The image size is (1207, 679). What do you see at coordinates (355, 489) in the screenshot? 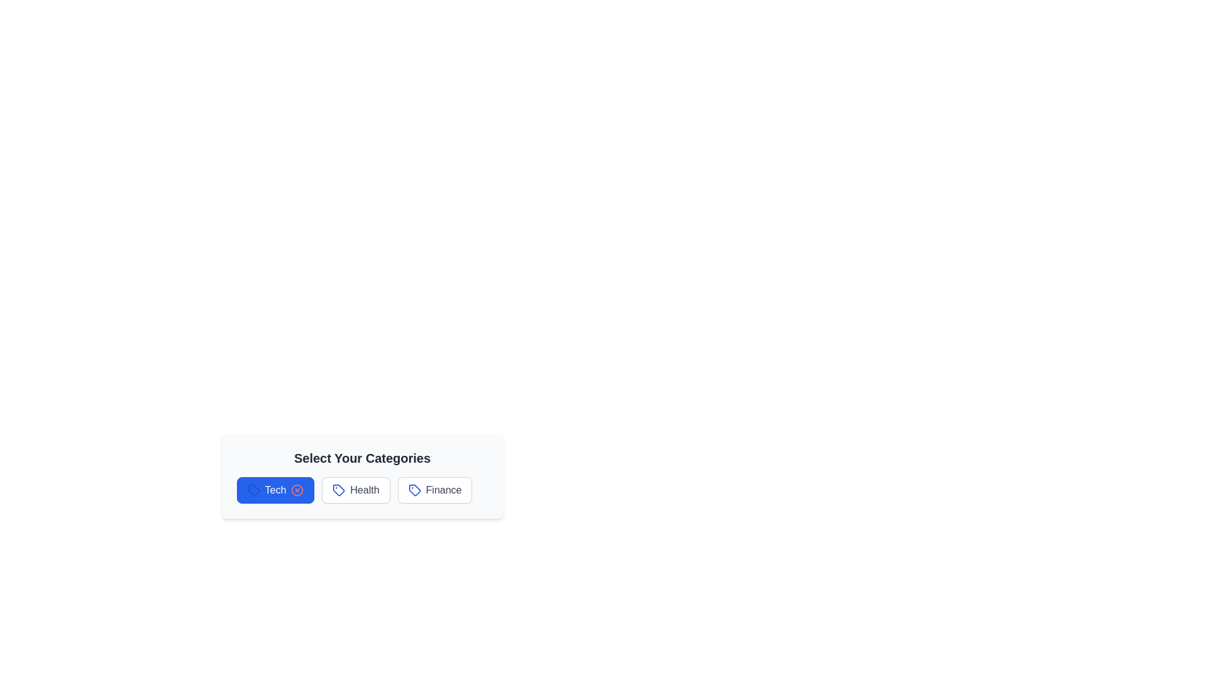
I see `the category Health to visualize its hover effect` at bounding box center [355, 489].